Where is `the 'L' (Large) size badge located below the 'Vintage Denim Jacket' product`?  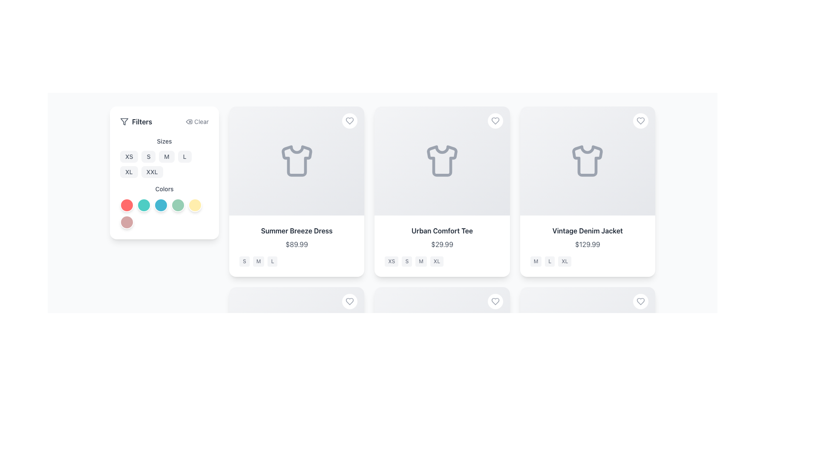
the 'L' (Large) size badge located below the 'Vintage Denim Jacket' product is located at coordinates (550, 261).